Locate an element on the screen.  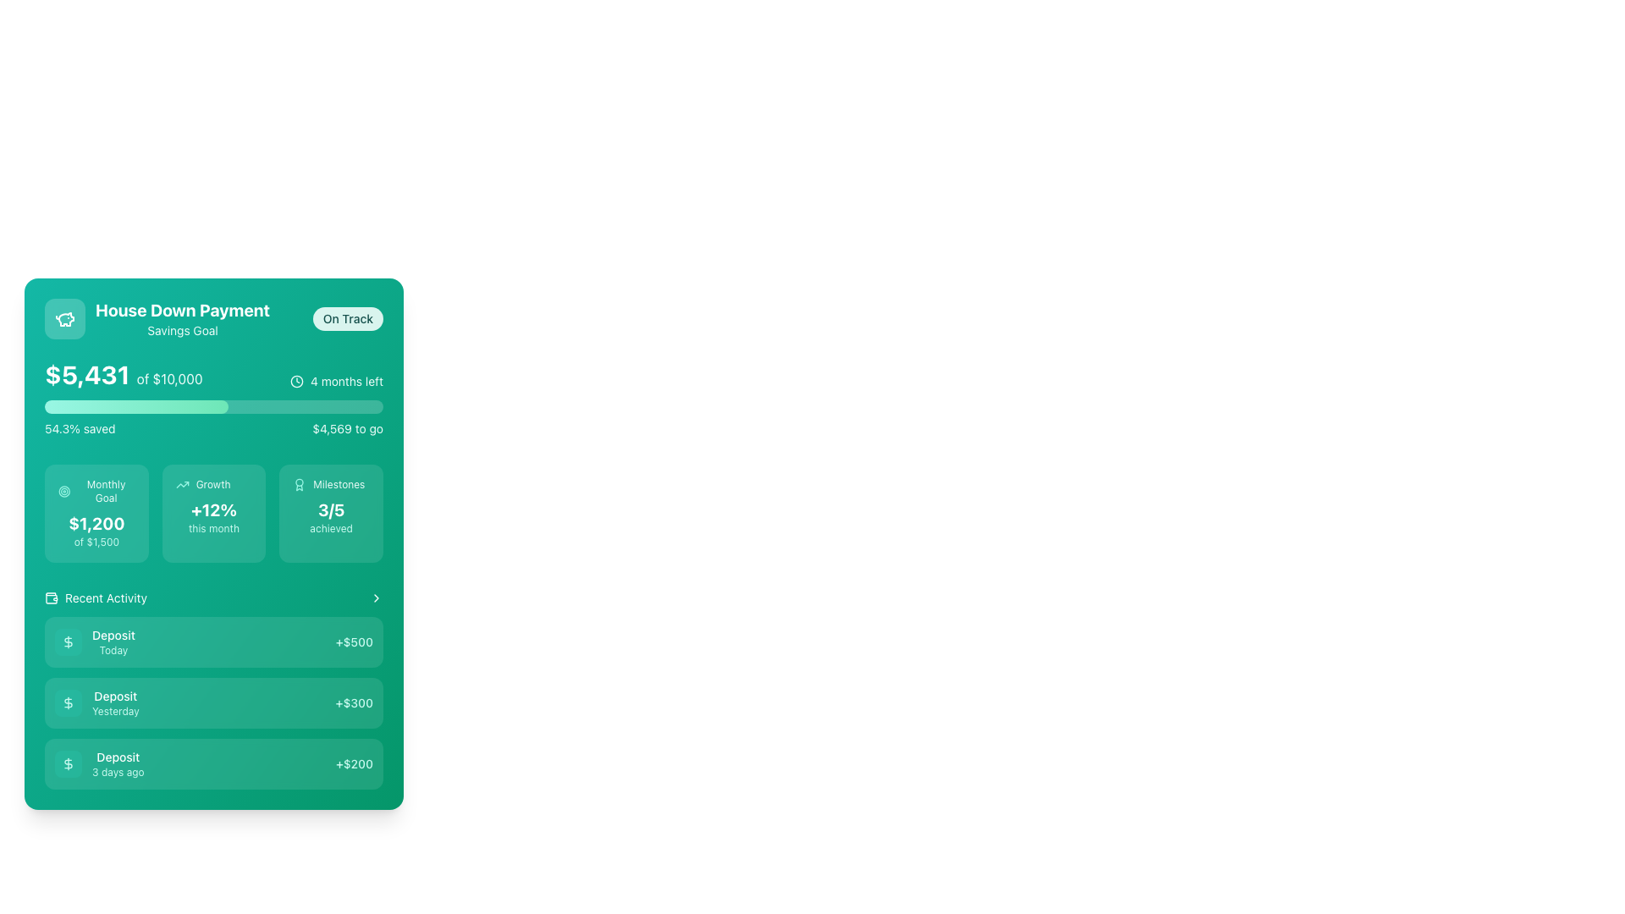
the 'House Down Payment' text label, which is located in the top-left section of the teal panel and contains two lines of text, with the top line in bold white and the second line in light teal is located at coordinates (183, 319).